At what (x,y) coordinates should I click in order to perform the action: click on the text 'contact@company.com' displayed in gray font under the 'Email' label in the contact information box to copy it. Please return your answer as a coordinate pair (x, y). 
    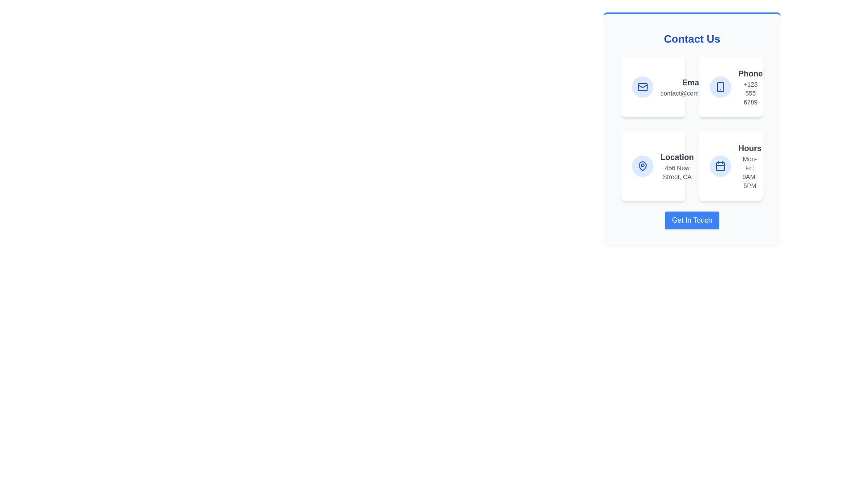
    Looking at the image, I should click on (692, 93).